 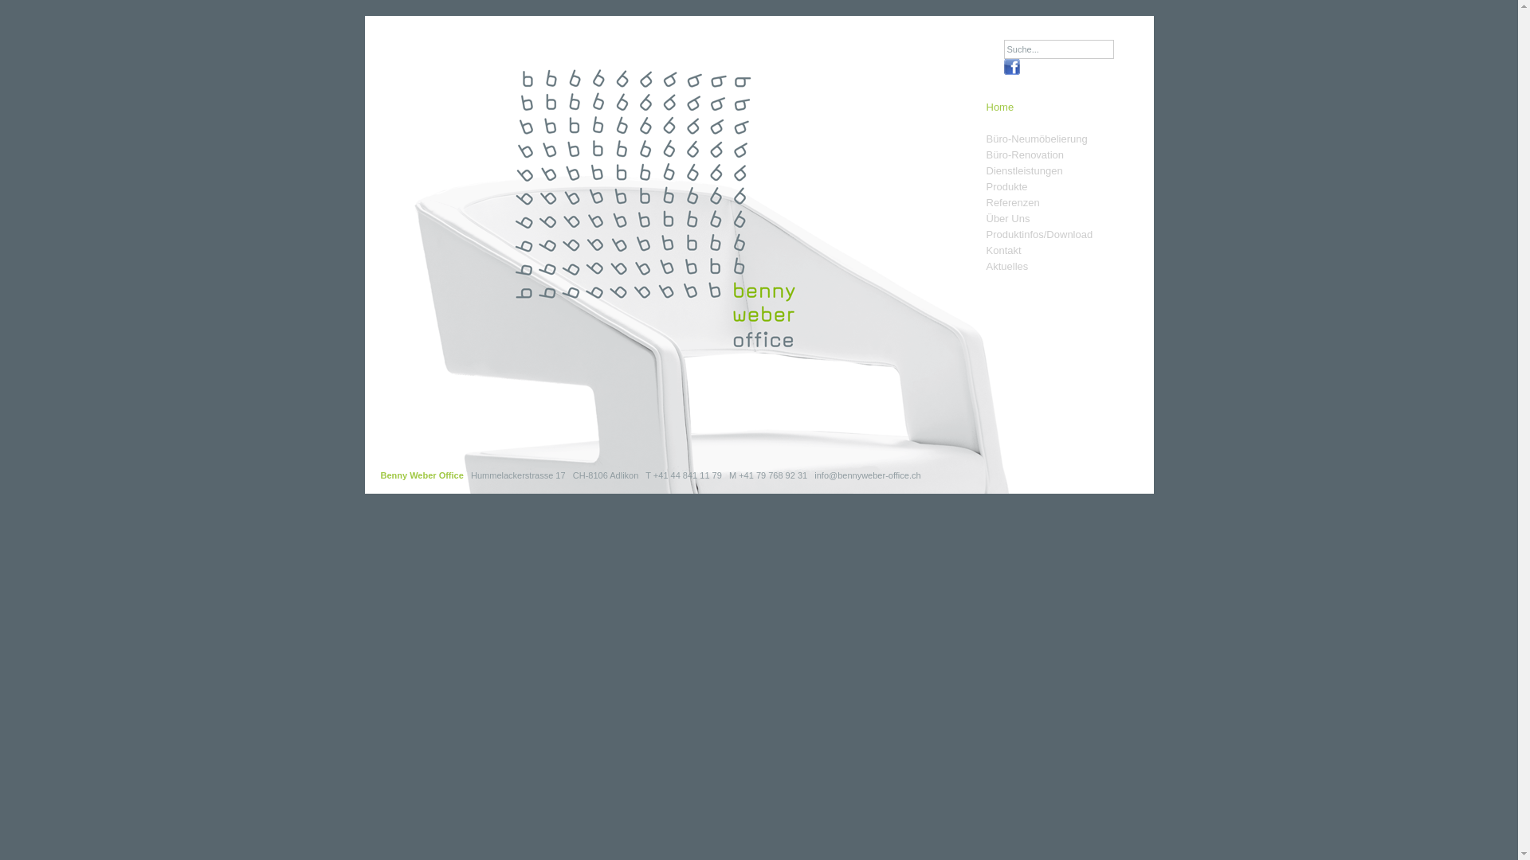 I want to click on 'Aktuelles', so click(x=1006, y=266).